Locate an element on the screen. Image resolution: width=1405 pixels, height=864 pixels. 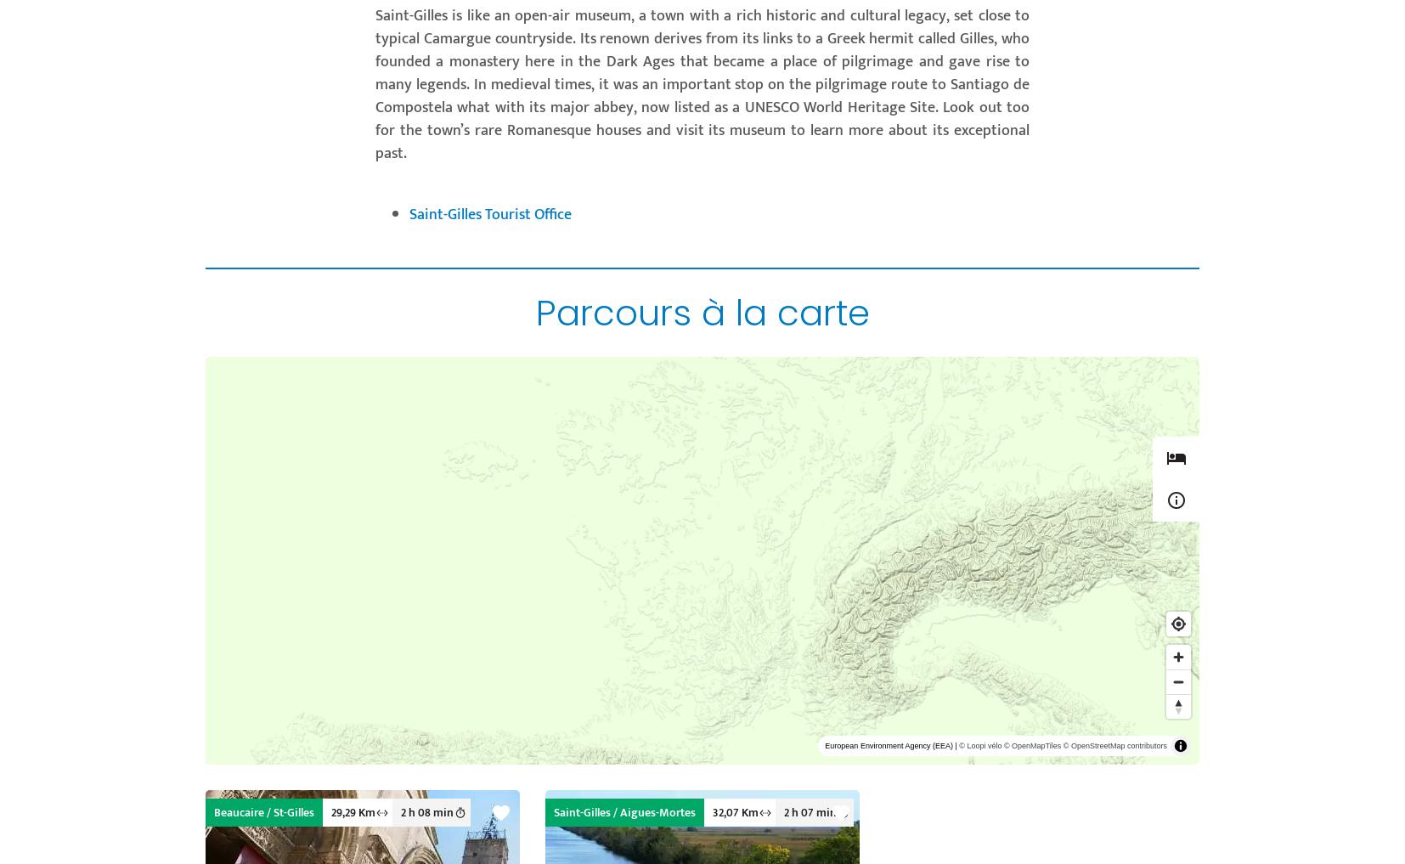
'29,29 Km' is located at coordinates (353, 811).